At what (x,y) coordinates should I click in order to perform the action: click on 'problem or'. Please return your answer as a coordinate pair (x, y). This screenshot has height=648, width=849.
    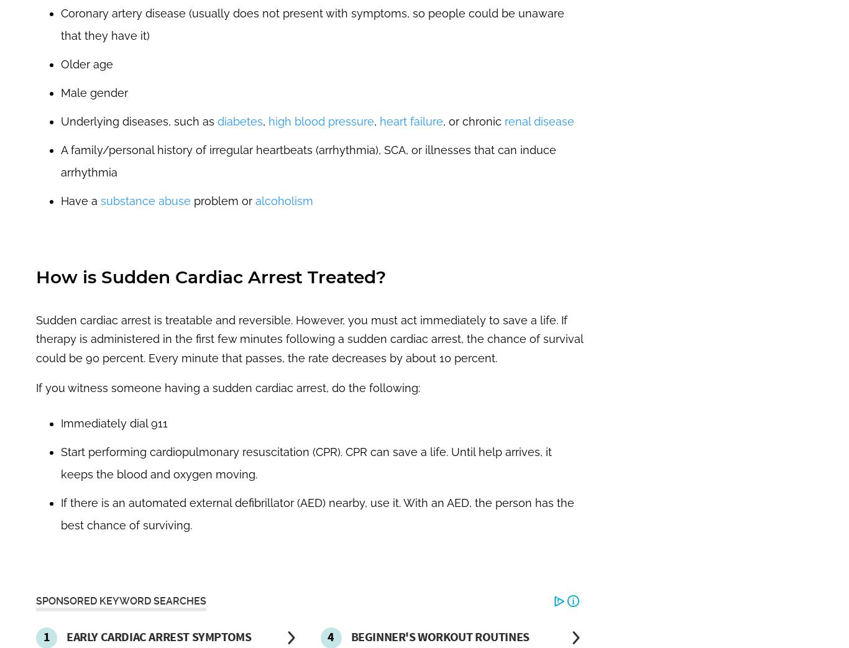
    Looking at the image, I should click on (222, 199).